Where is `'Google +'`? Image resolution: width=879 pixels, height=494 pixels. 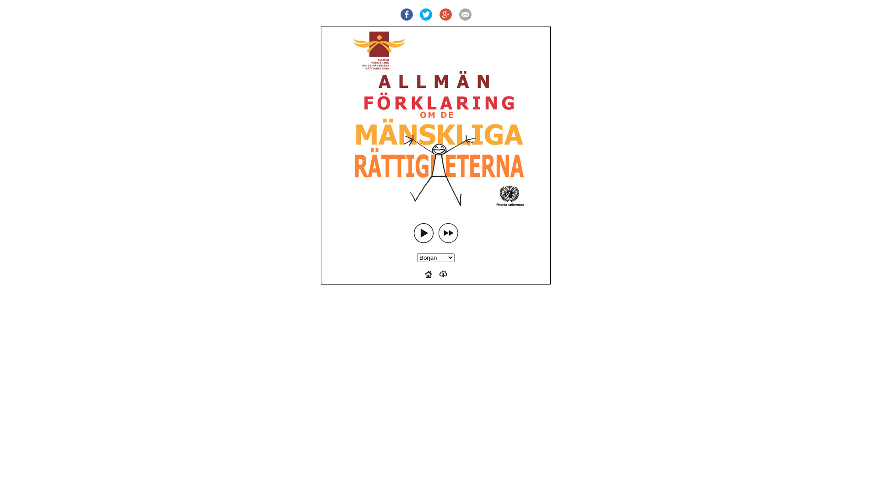
'Google +' is located at coordinates (445, 15).